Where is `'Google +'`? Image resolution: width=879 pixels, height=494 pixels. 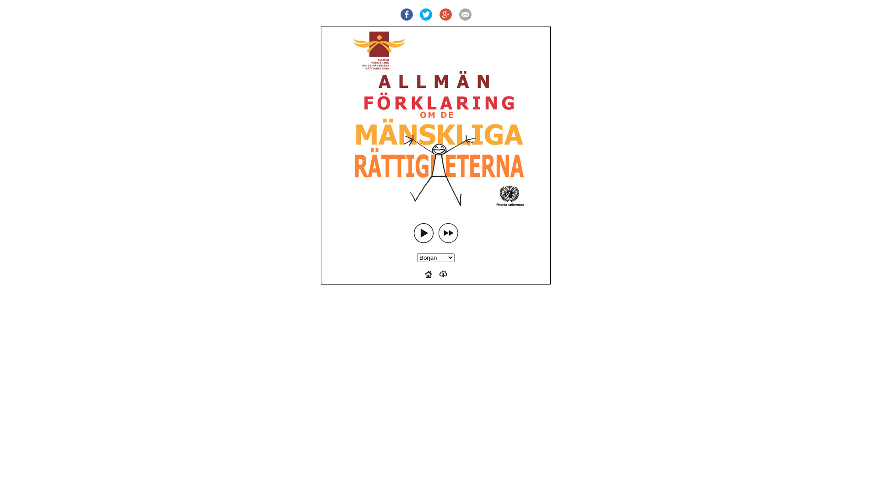
'Google +' is located at coordinates (445, 15).